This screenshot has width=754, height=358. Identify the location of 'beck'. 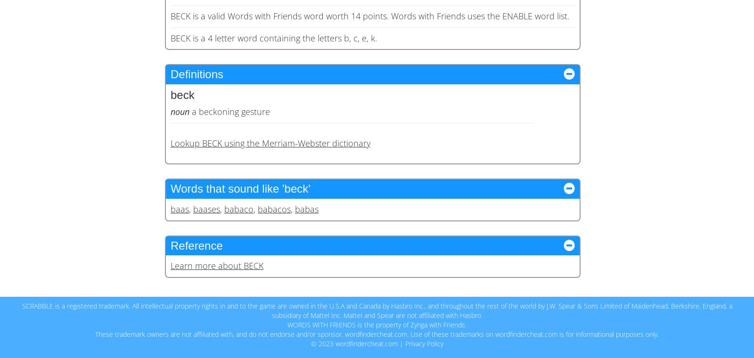
(182, 94).